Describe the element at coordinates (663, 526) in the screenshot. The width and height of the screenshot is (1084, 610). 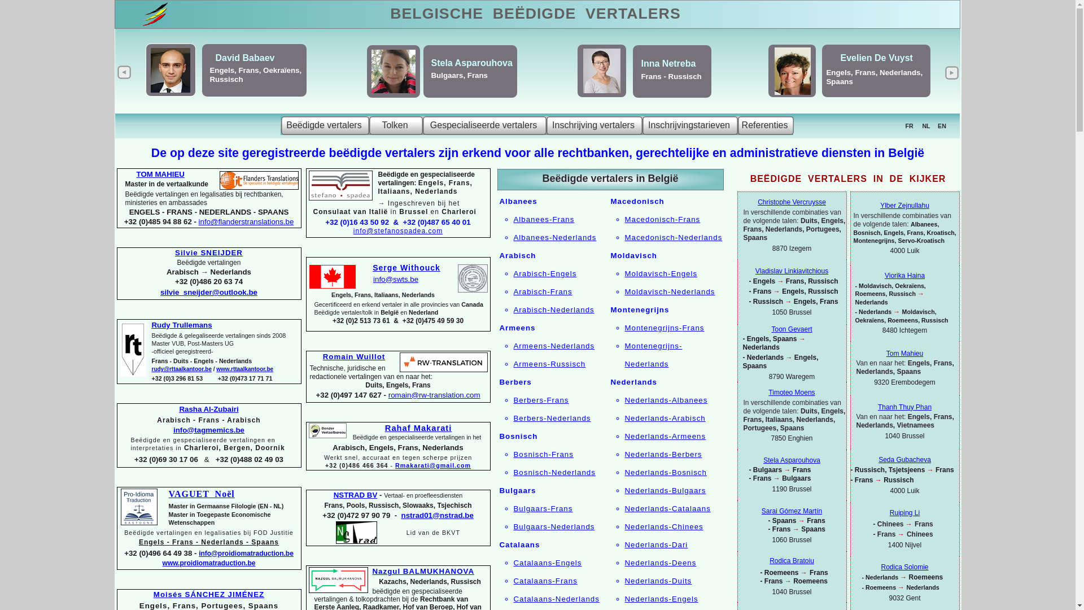
I see `'Nederlands-Chinees'` at that location.